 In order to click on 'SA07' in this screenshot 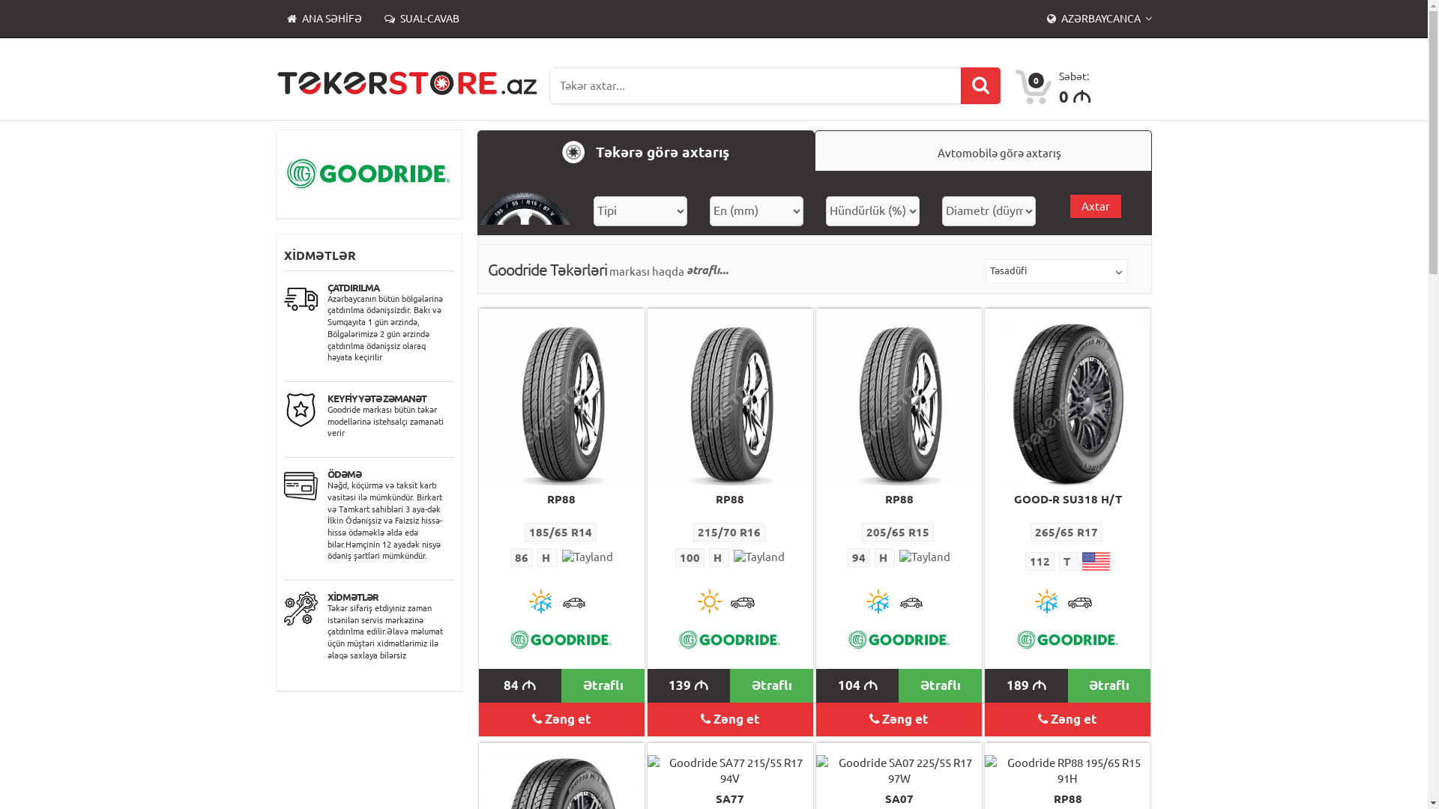, I will do `click(899, 798)`.